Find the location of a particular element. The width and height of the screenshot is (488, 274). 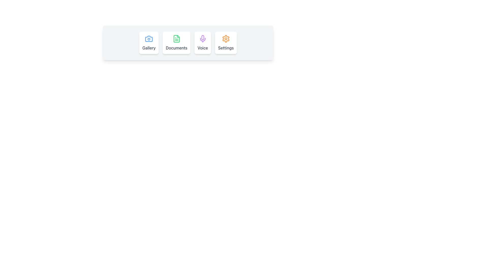

the microphone button labeled 'Voice' is located at coordinates (202, 43).